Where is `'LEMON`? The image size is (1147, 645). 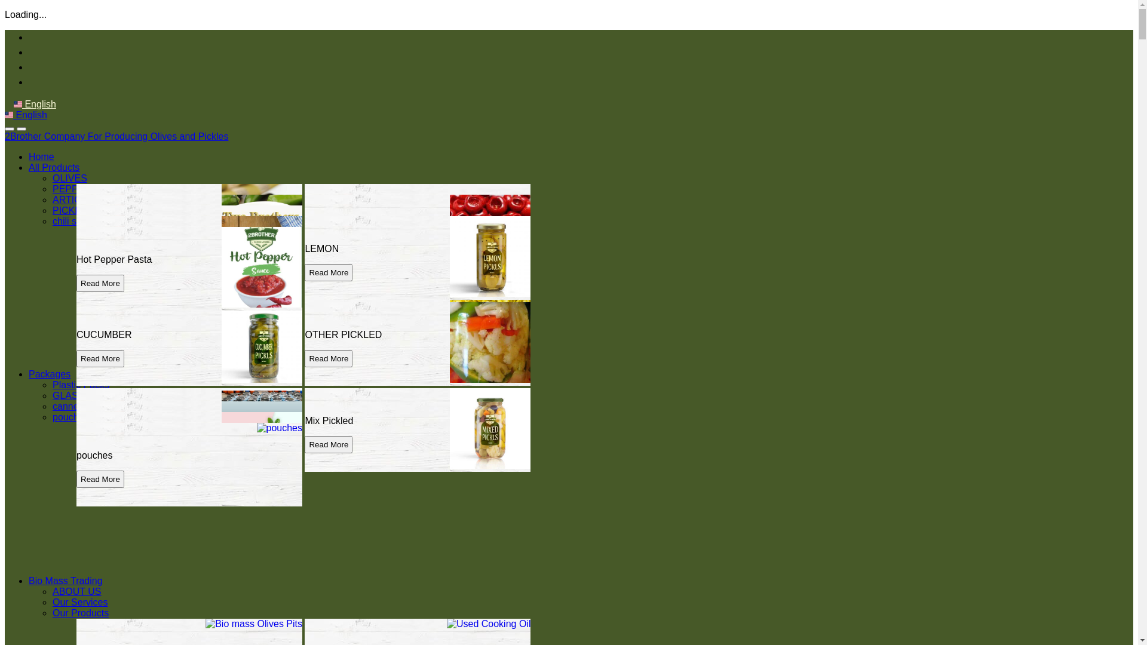
'LEMON is located at coordinates (304, 257).